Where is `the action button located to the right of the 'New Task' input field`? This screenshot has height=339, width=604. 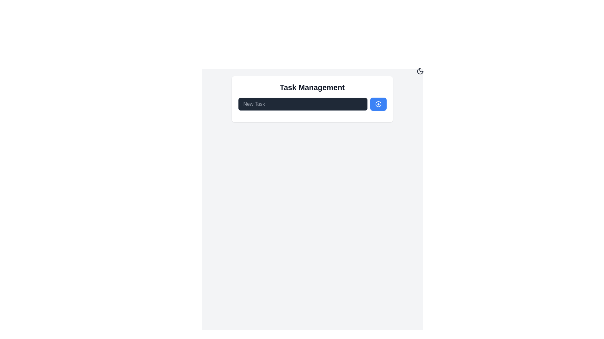 the action button located to the right of the 'New Task' input field is located at coordinates (378, 104).